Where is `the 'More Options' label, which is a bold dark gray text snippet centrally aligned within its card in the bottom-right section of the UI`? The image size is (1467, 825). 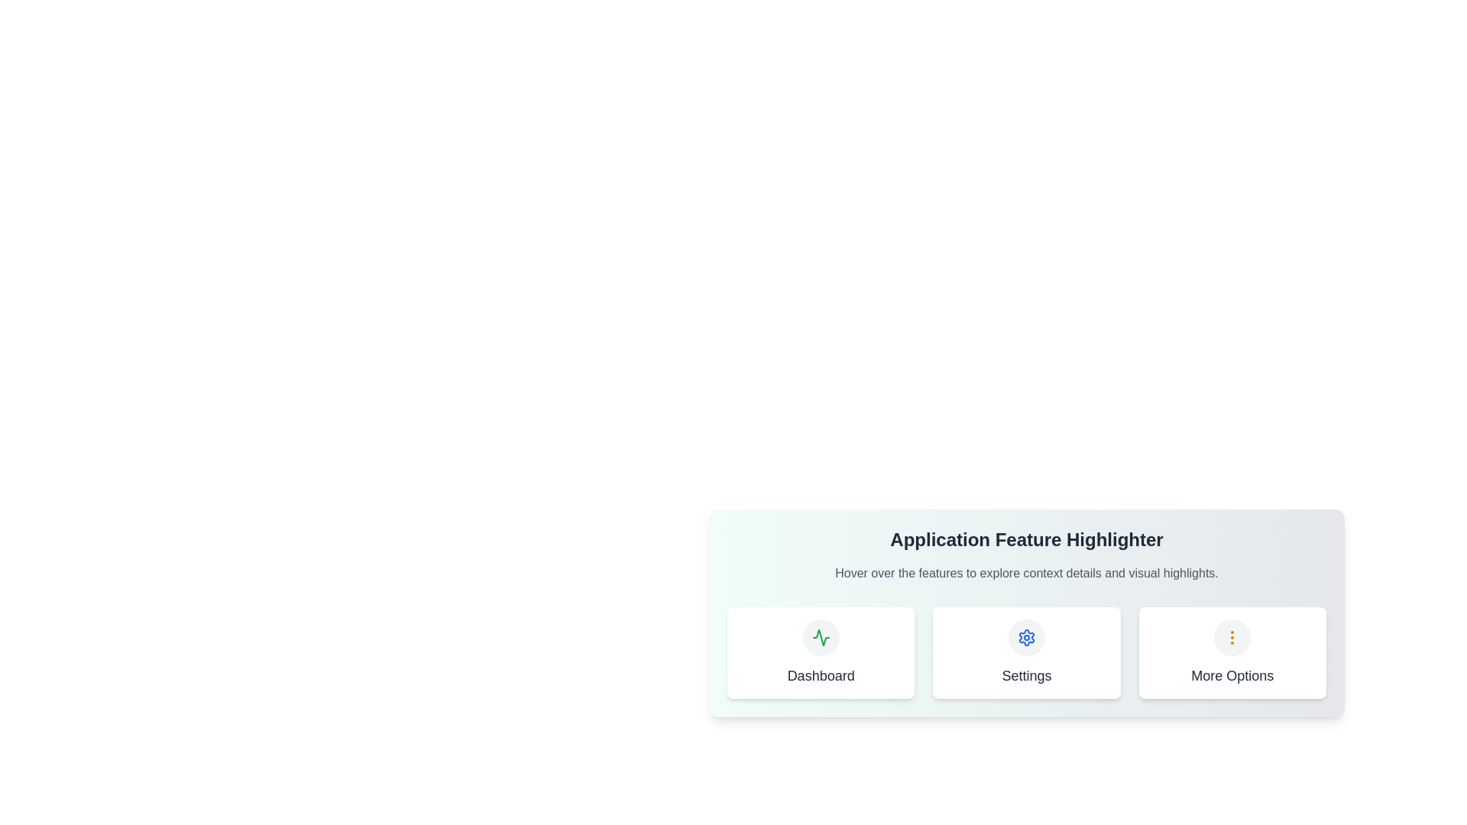
the 'More Options' label, which is a bold dark gray text snippet centrally aligned within its card in the bottom-right section of the UI is located at coordinates (1232, 675).